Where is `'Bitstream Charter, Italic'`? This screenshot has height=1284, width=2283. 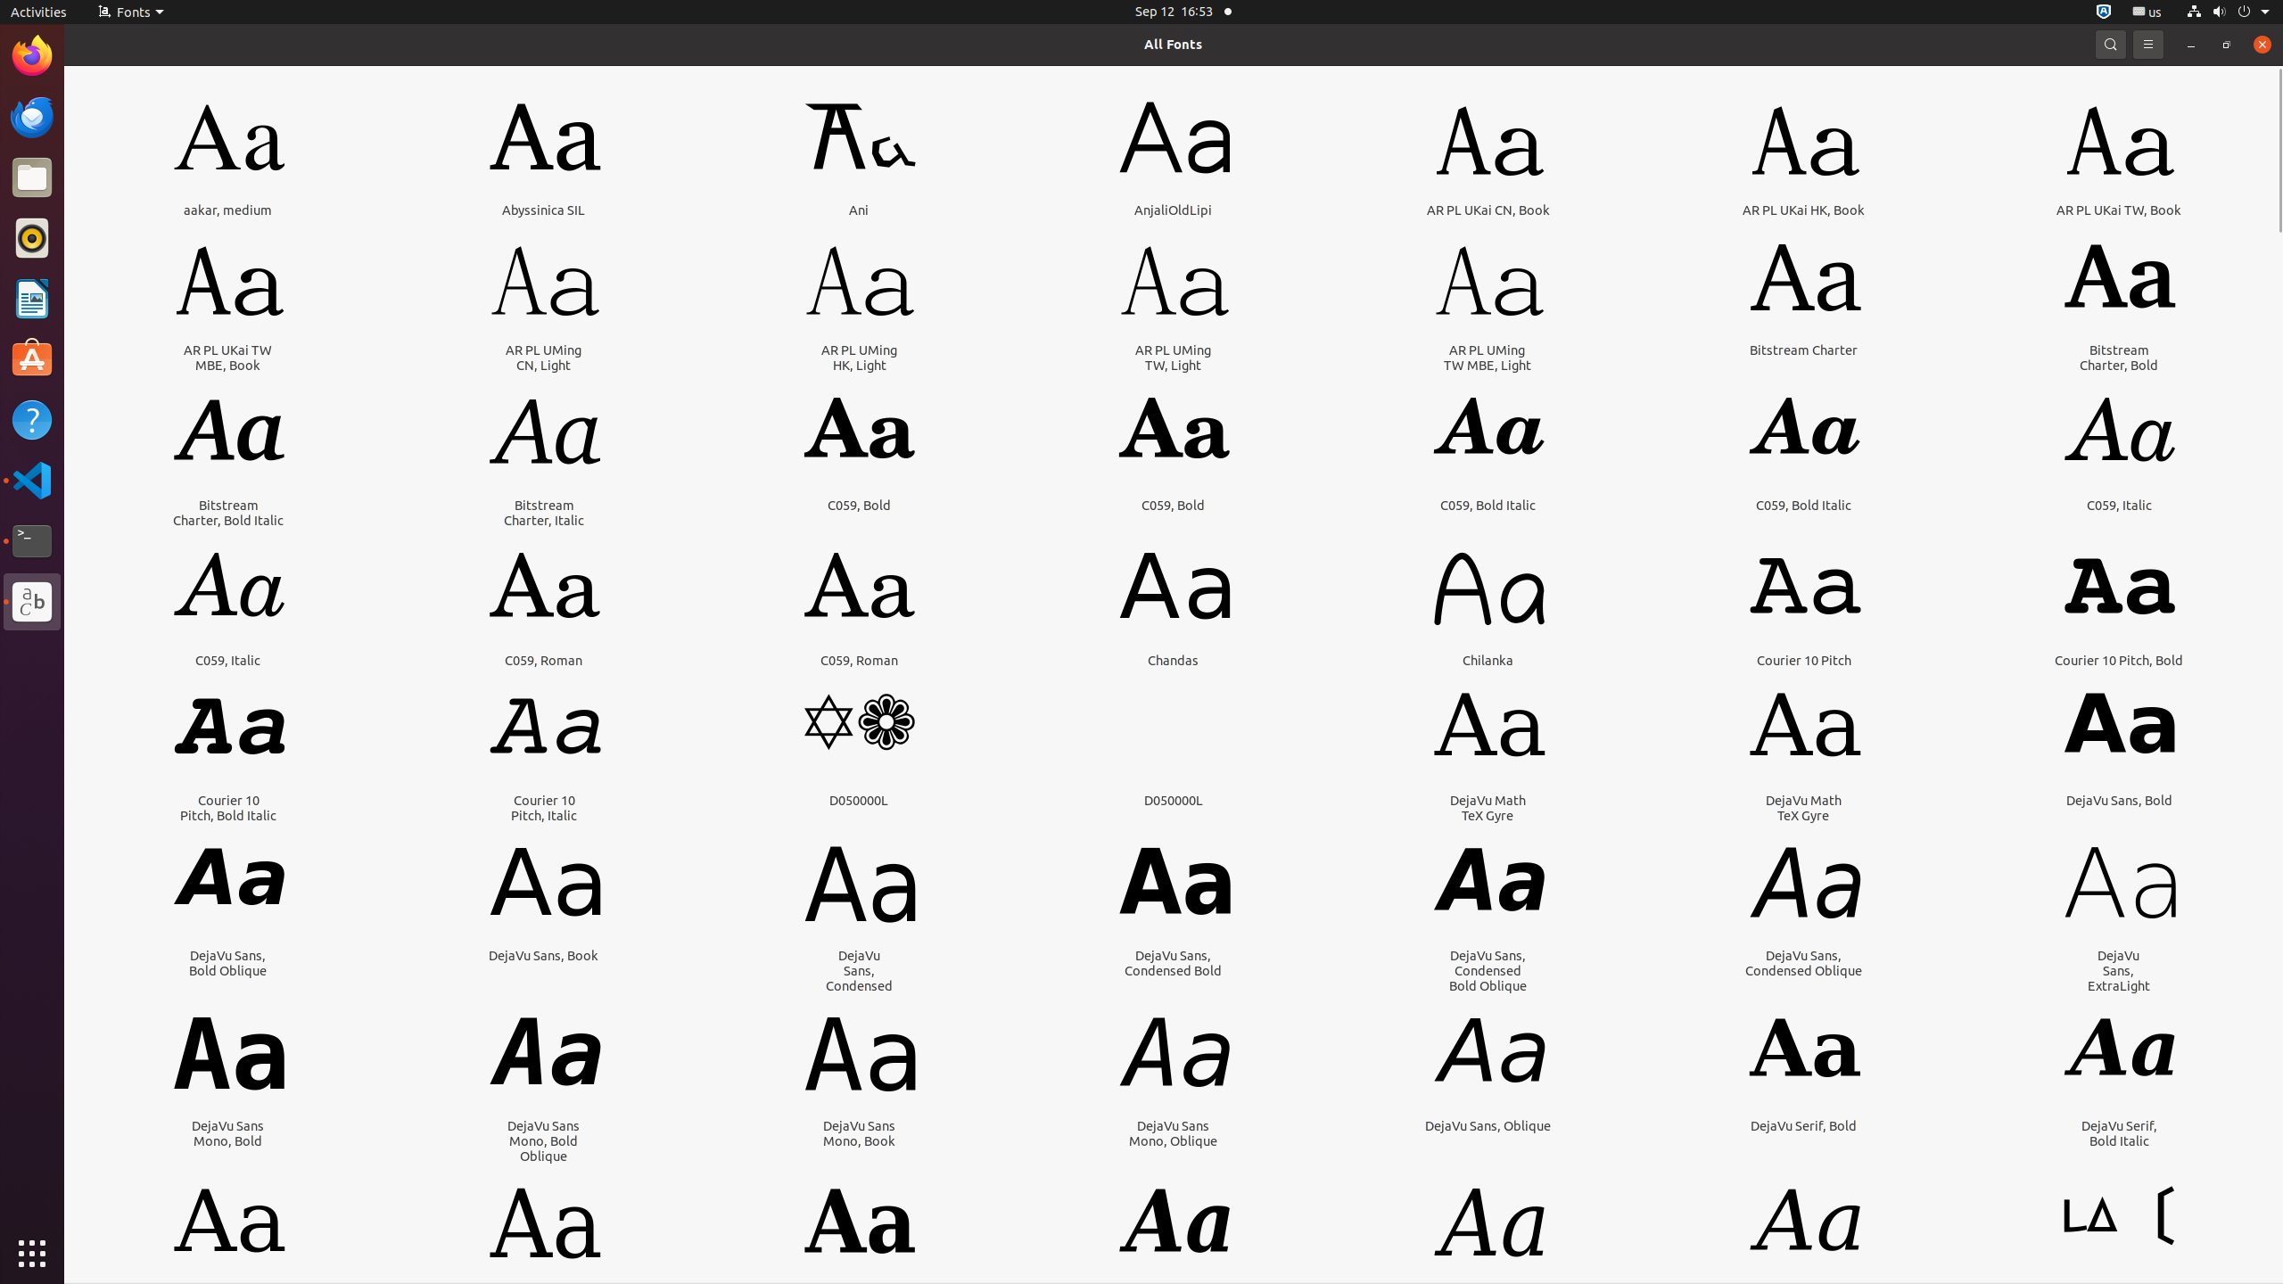
'Bitstream Charter, Italic' is located at coordinates (544, 512).